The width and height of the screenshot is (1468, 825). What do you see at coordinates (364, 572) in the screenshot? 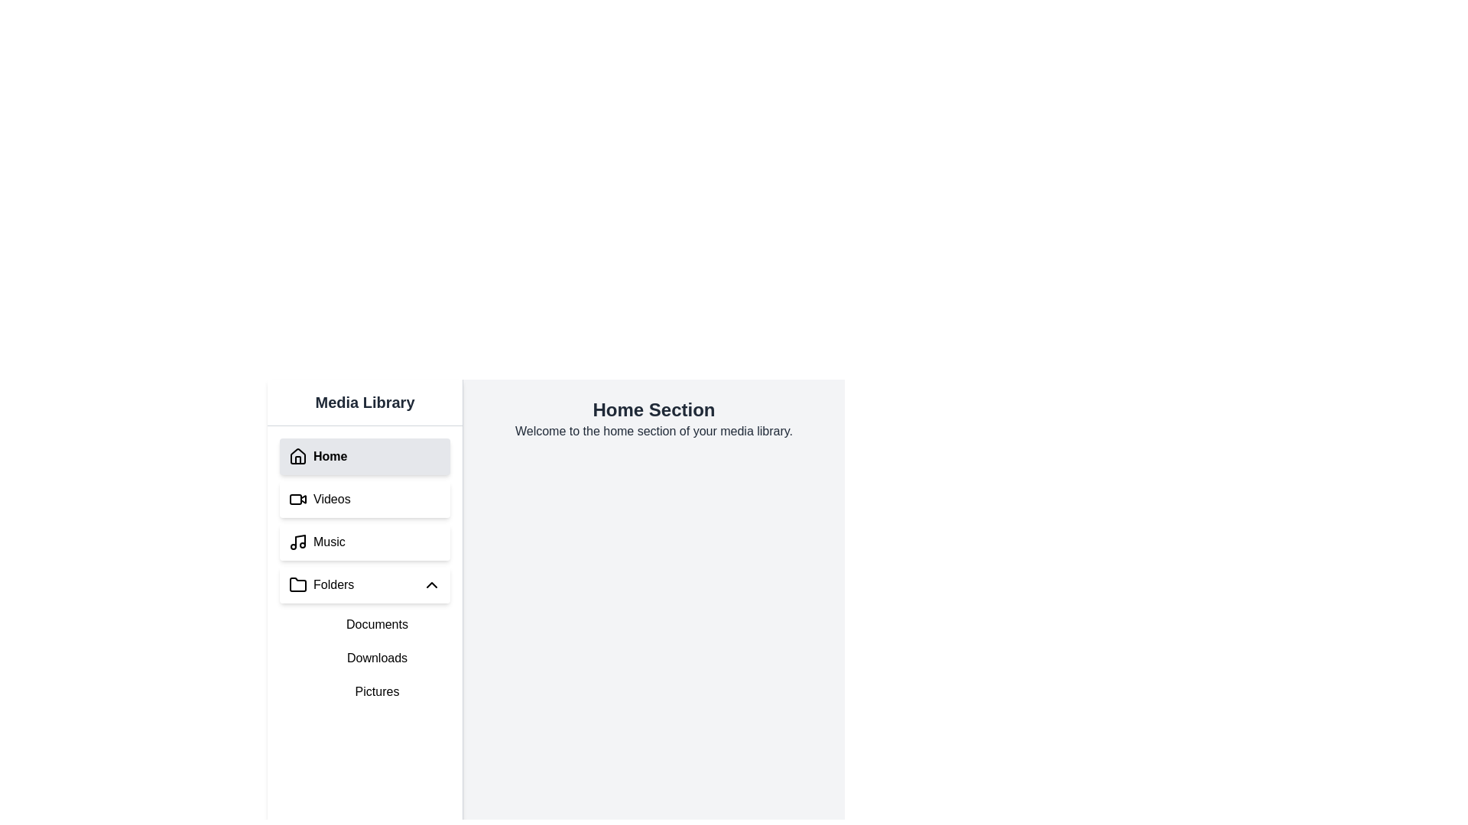
I see `the Navigation menu located` at bounding box center [364, 572].